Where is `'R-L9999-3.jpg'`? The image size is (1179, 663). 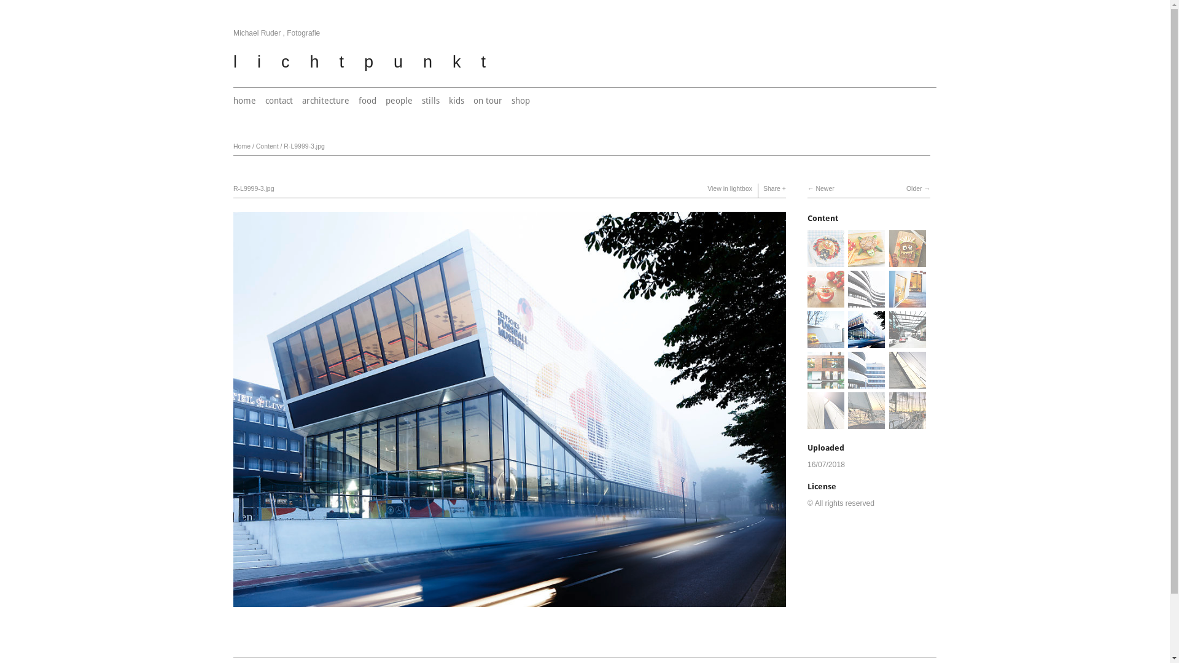
'R-L9999-3.jpg' is located at coordinates (304, 145).